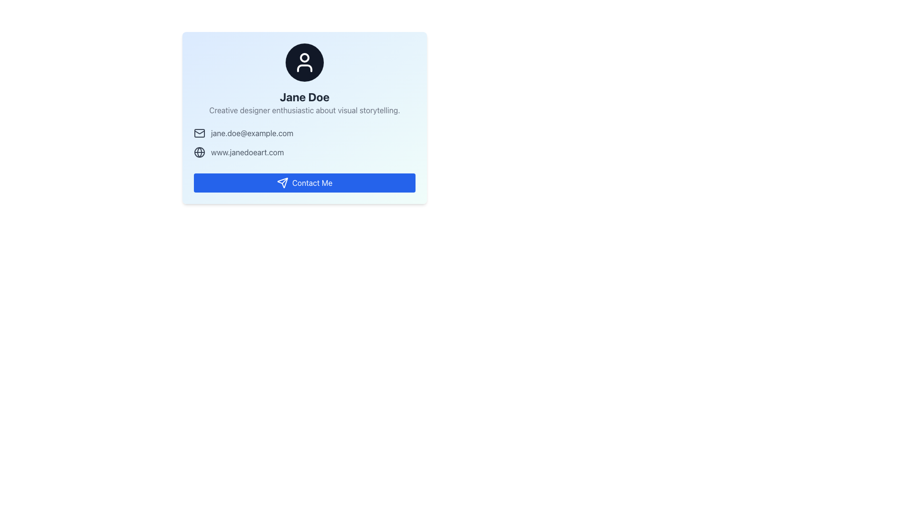 The height and width of the screenshot is (516, 917). What do you see at coordinates (304, 57) in the screenshot?
I see `the Circle SVG element that represents the head of a user icon, located in the center of the user card above the text content` at bounding box center [304, 57].